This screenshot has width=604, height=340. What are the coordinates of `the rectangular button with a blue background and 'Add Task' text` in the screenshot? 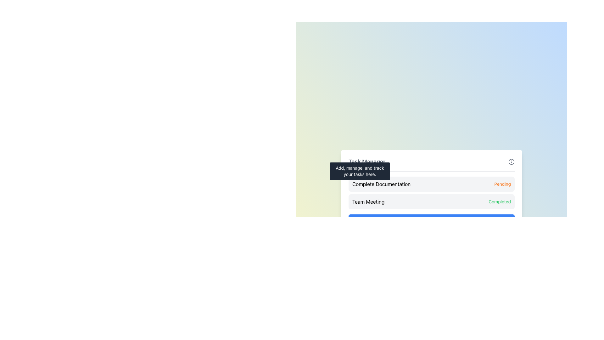 It's located at (431, 220).